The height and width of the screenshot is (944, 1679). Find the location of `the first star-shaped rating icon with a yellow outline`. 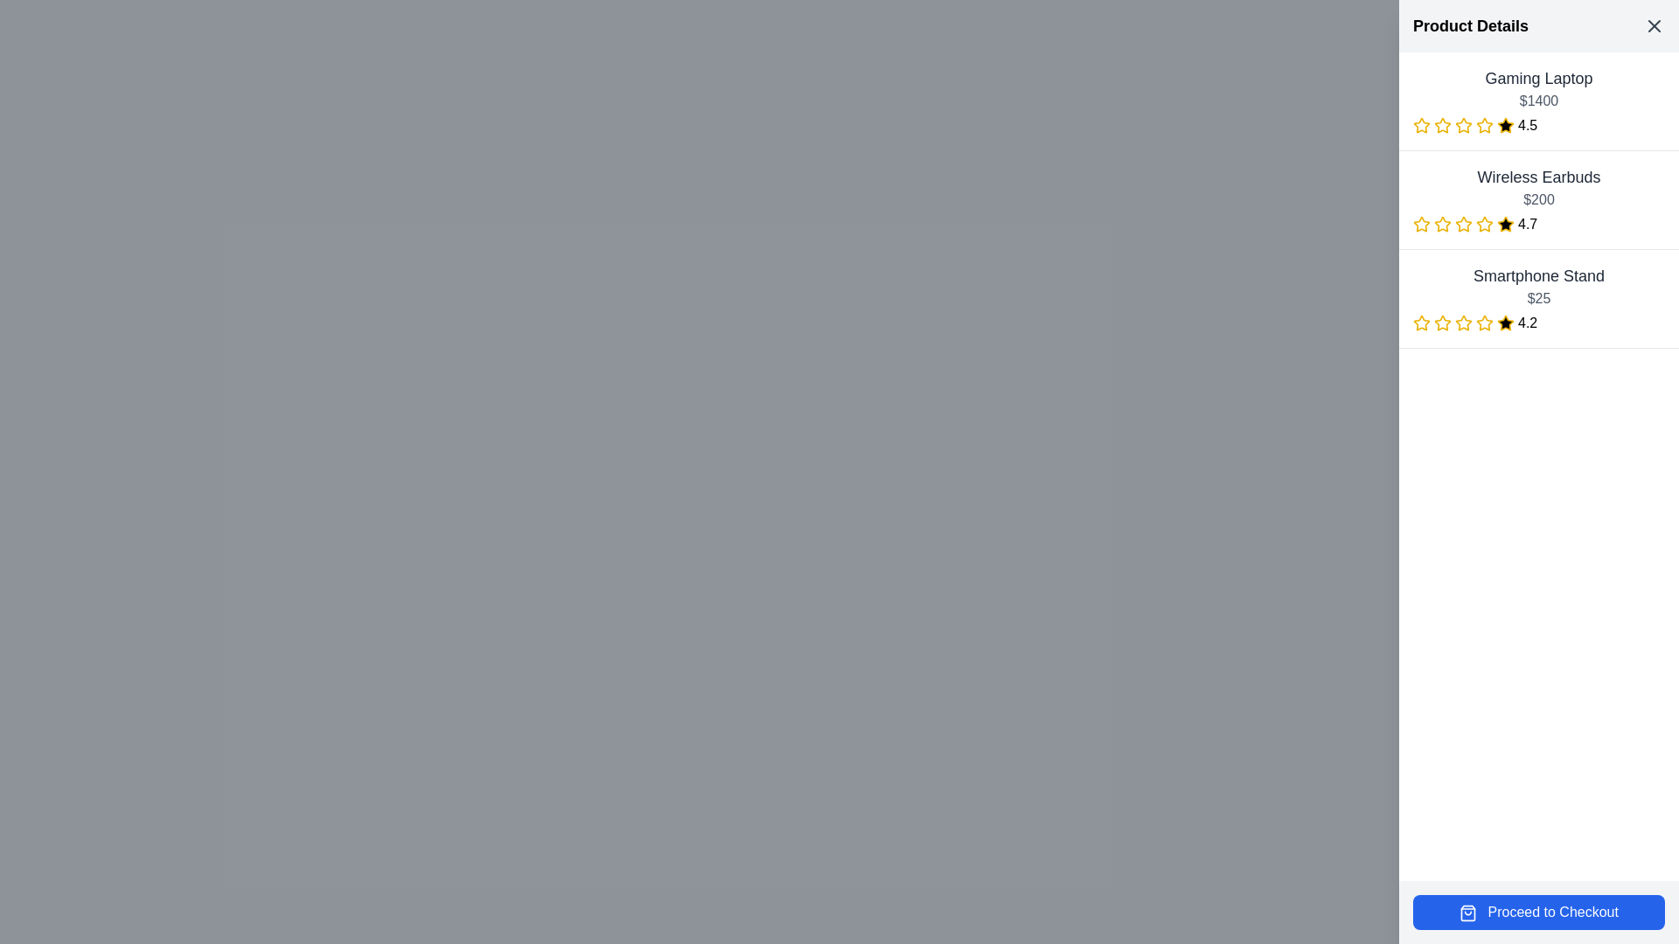

the first star-shaped rating icon with a yellow outline is located at coordinates (1421, 323).